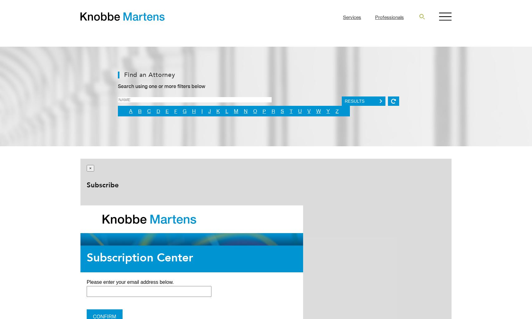 The image size is (532, 319). Describe the element at coordinates (355, 101) in the screenshot. I see `'Results'` at that location.